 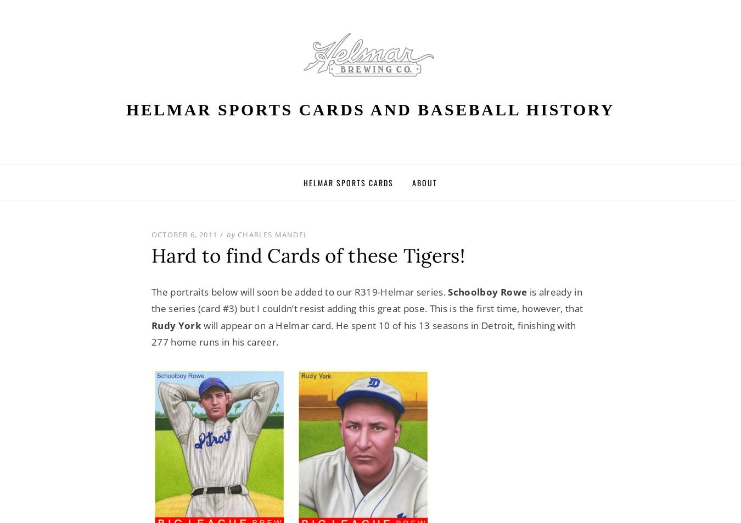 I want to click on 'Rudy York', so click(x=150, y=325).